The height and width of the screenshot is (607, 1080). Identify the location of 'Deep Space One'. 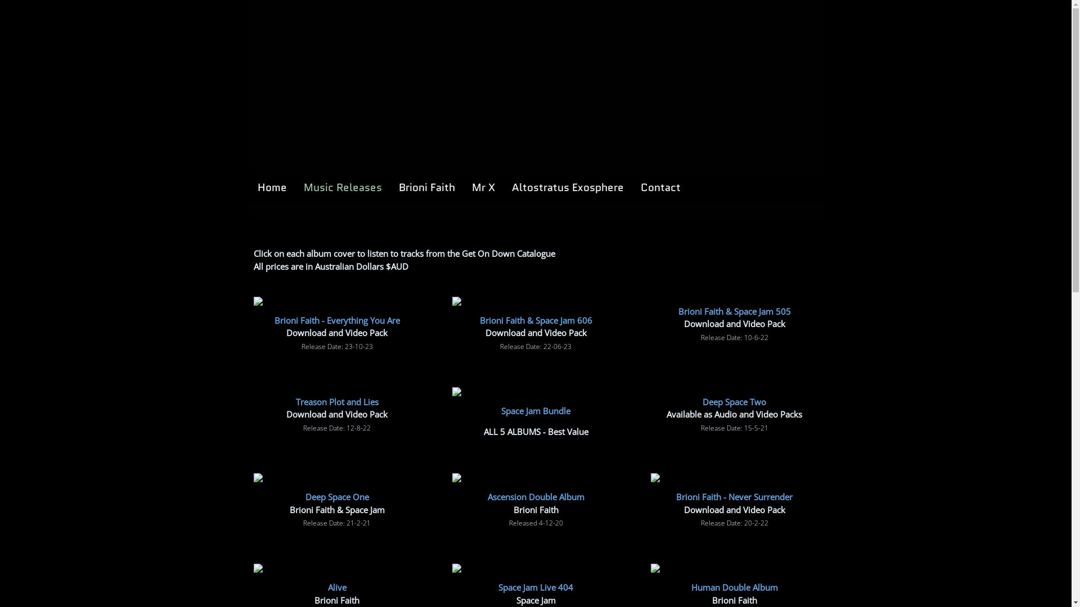
(305, 496).